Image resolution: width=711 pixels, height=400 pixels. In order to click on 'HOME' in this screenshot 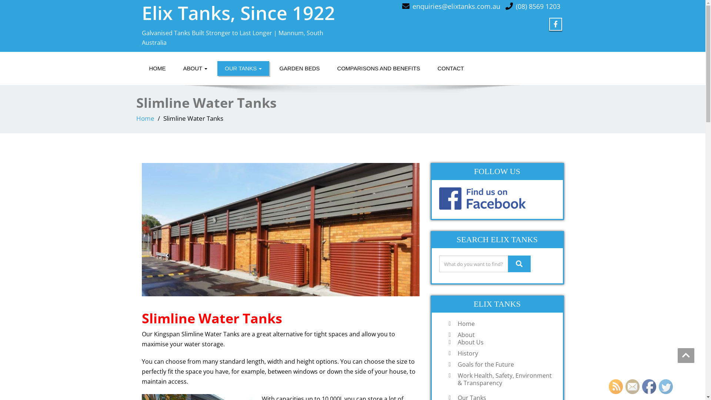, I will do `click(157, 69)`.